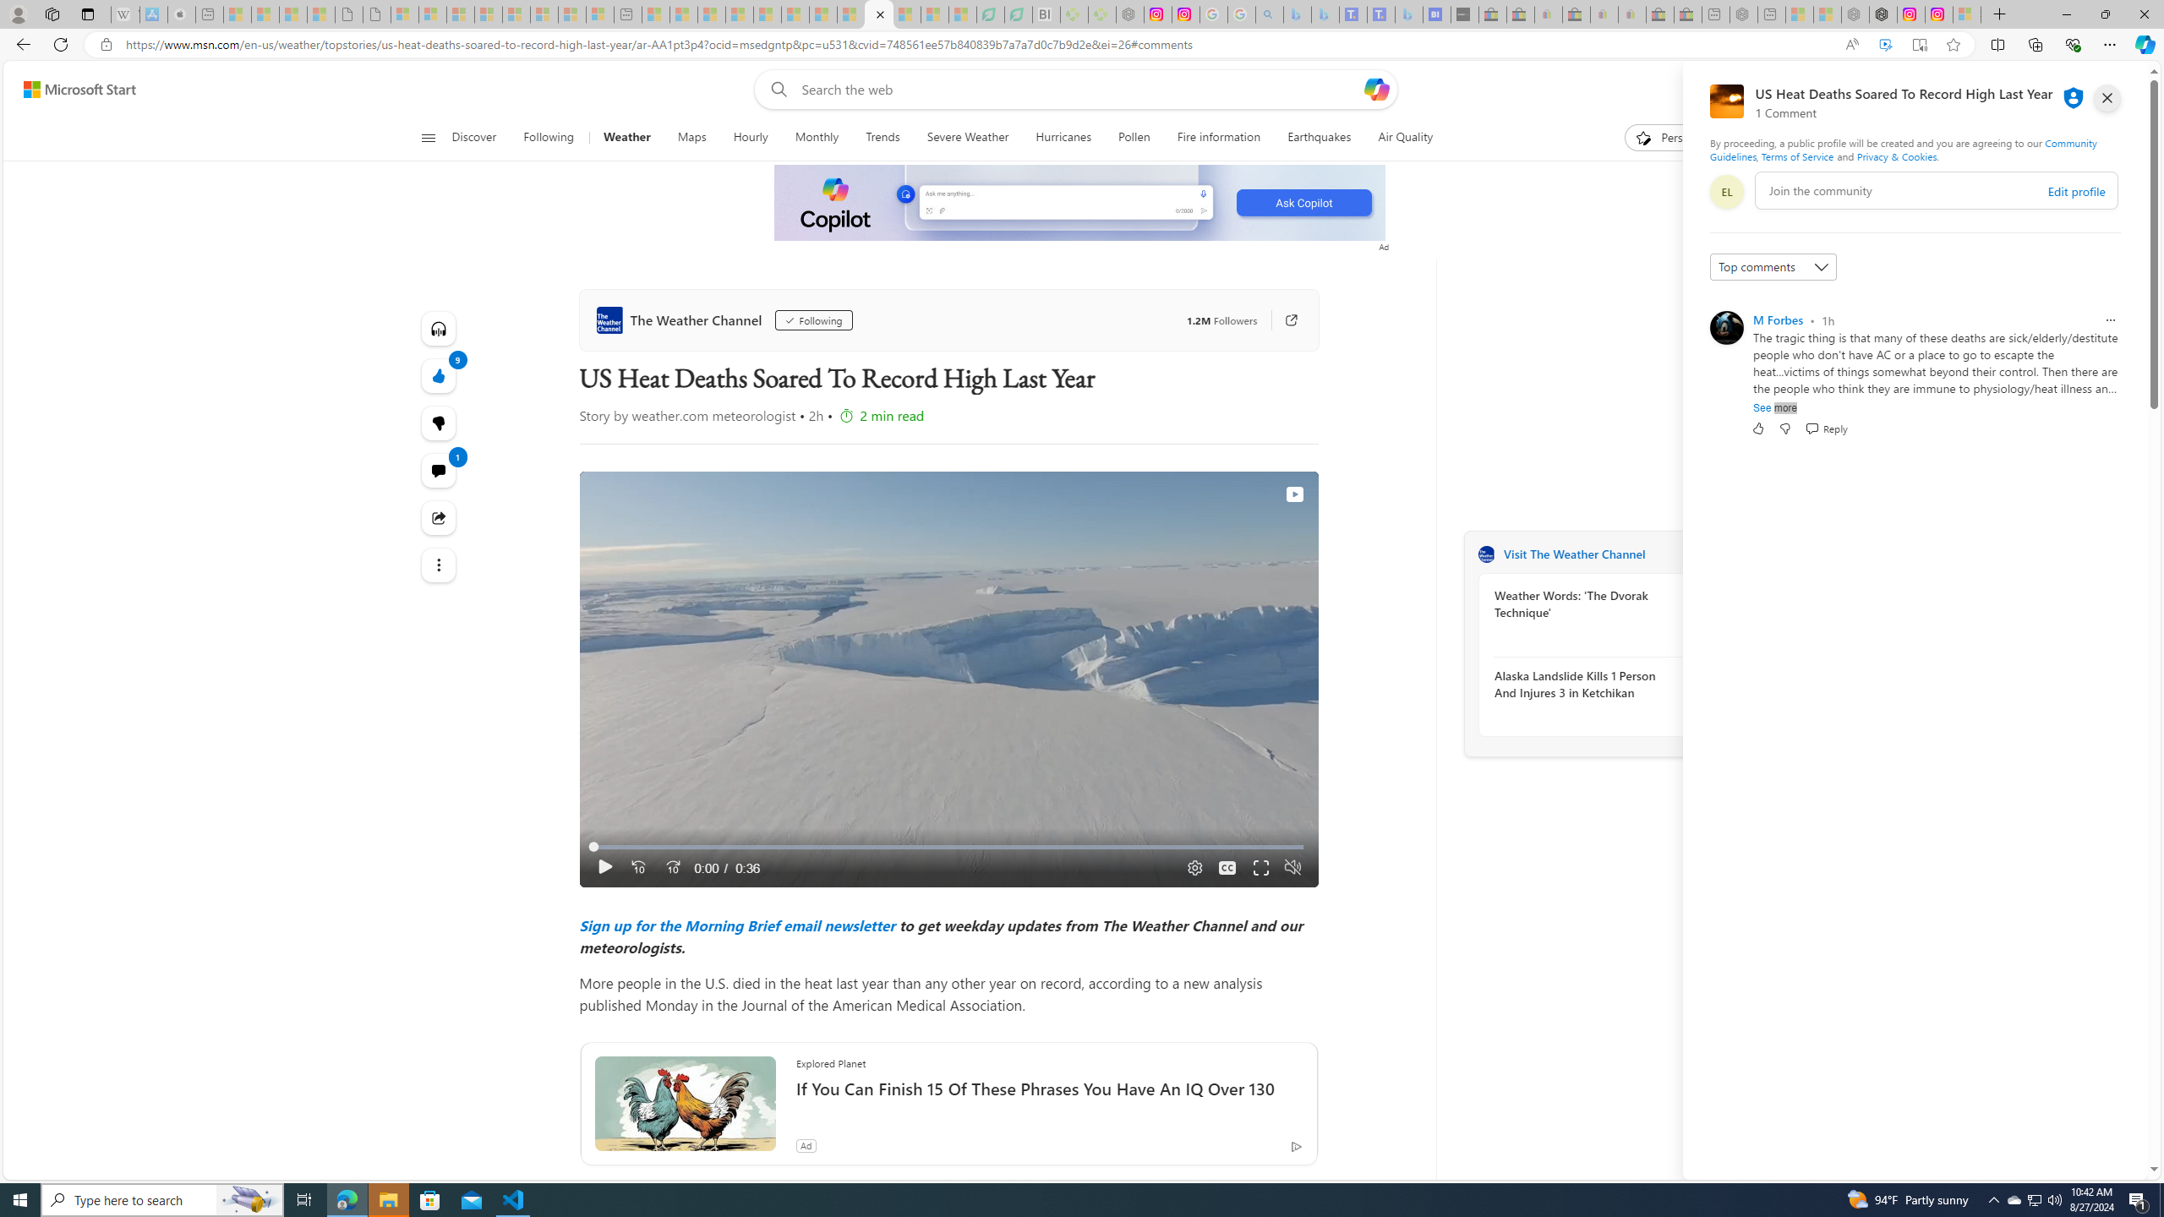 The height and width of the screenshot is (1217, 2164). I want to click on 'Monthly', so click(817, 137).